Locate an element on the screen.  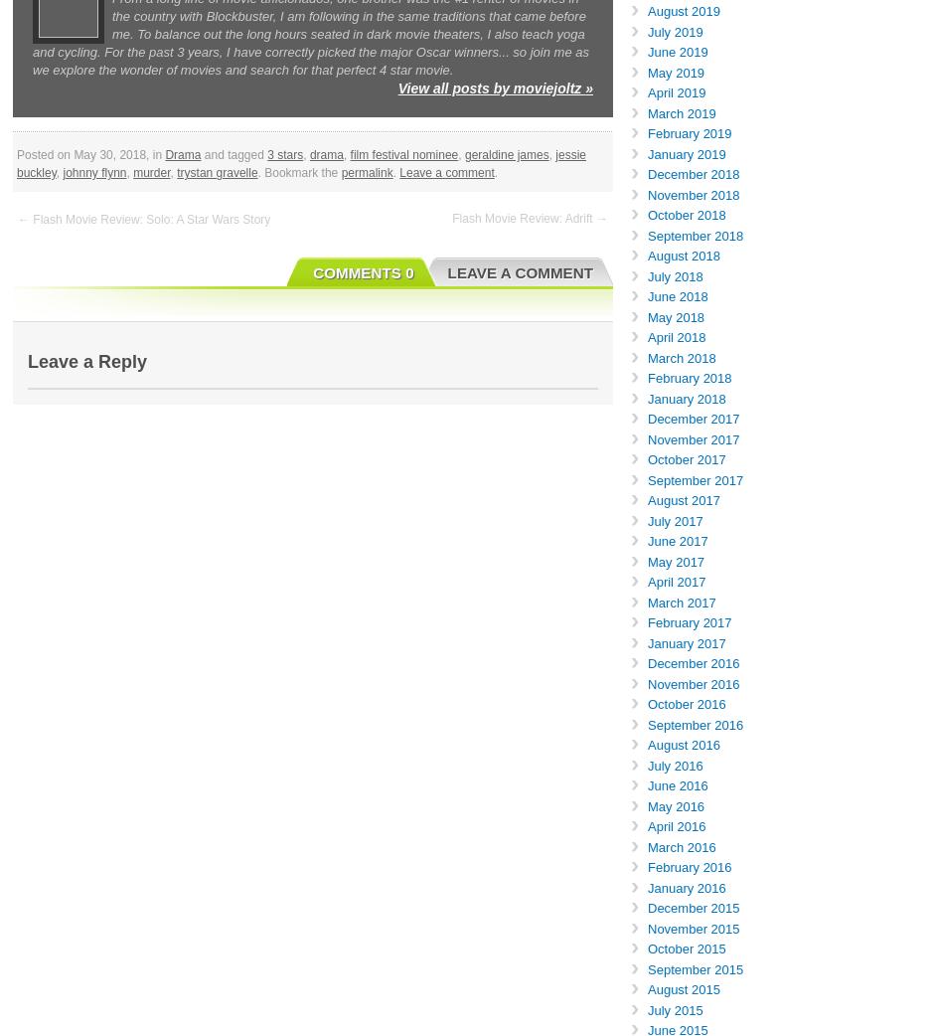
'October 2017' is located at coordinates (685, 459).